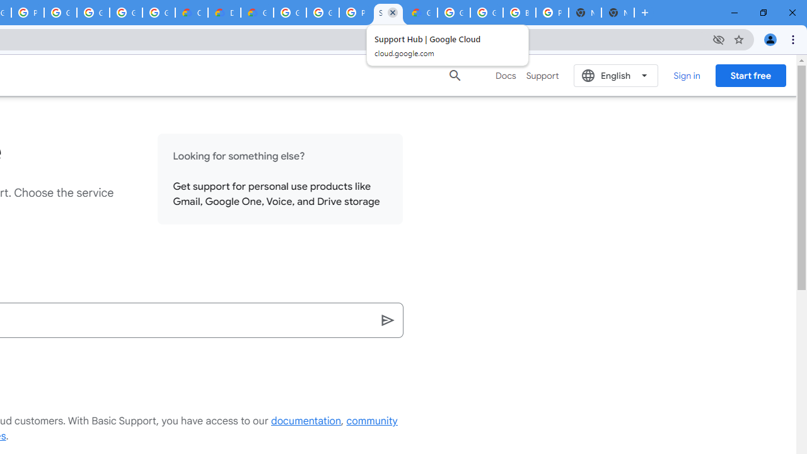  What do you see at coordinates (191, 13) in the screenshot?
I see `'Customer Care | Google Cloud'` at bounding box center [191, 13].